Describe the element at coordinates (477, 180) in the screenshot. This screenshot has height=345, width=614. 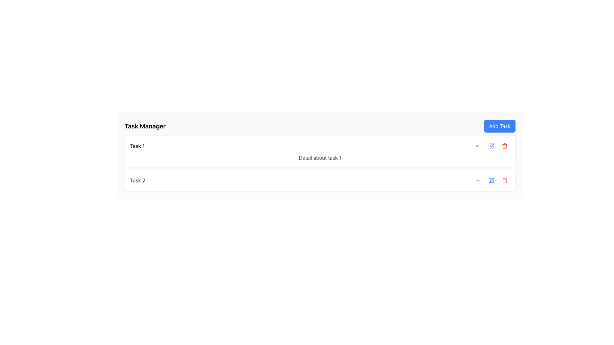
I see `the Dropdown toggle button located in the action column of the second task entry row` at that location.